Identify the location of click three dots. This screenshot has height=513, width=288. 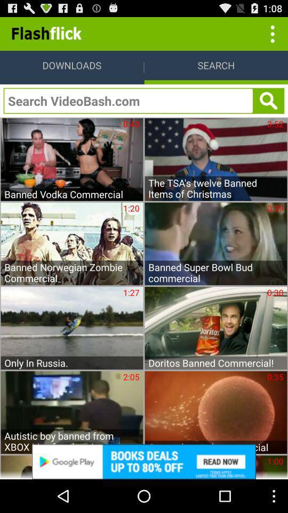
(271, 33).